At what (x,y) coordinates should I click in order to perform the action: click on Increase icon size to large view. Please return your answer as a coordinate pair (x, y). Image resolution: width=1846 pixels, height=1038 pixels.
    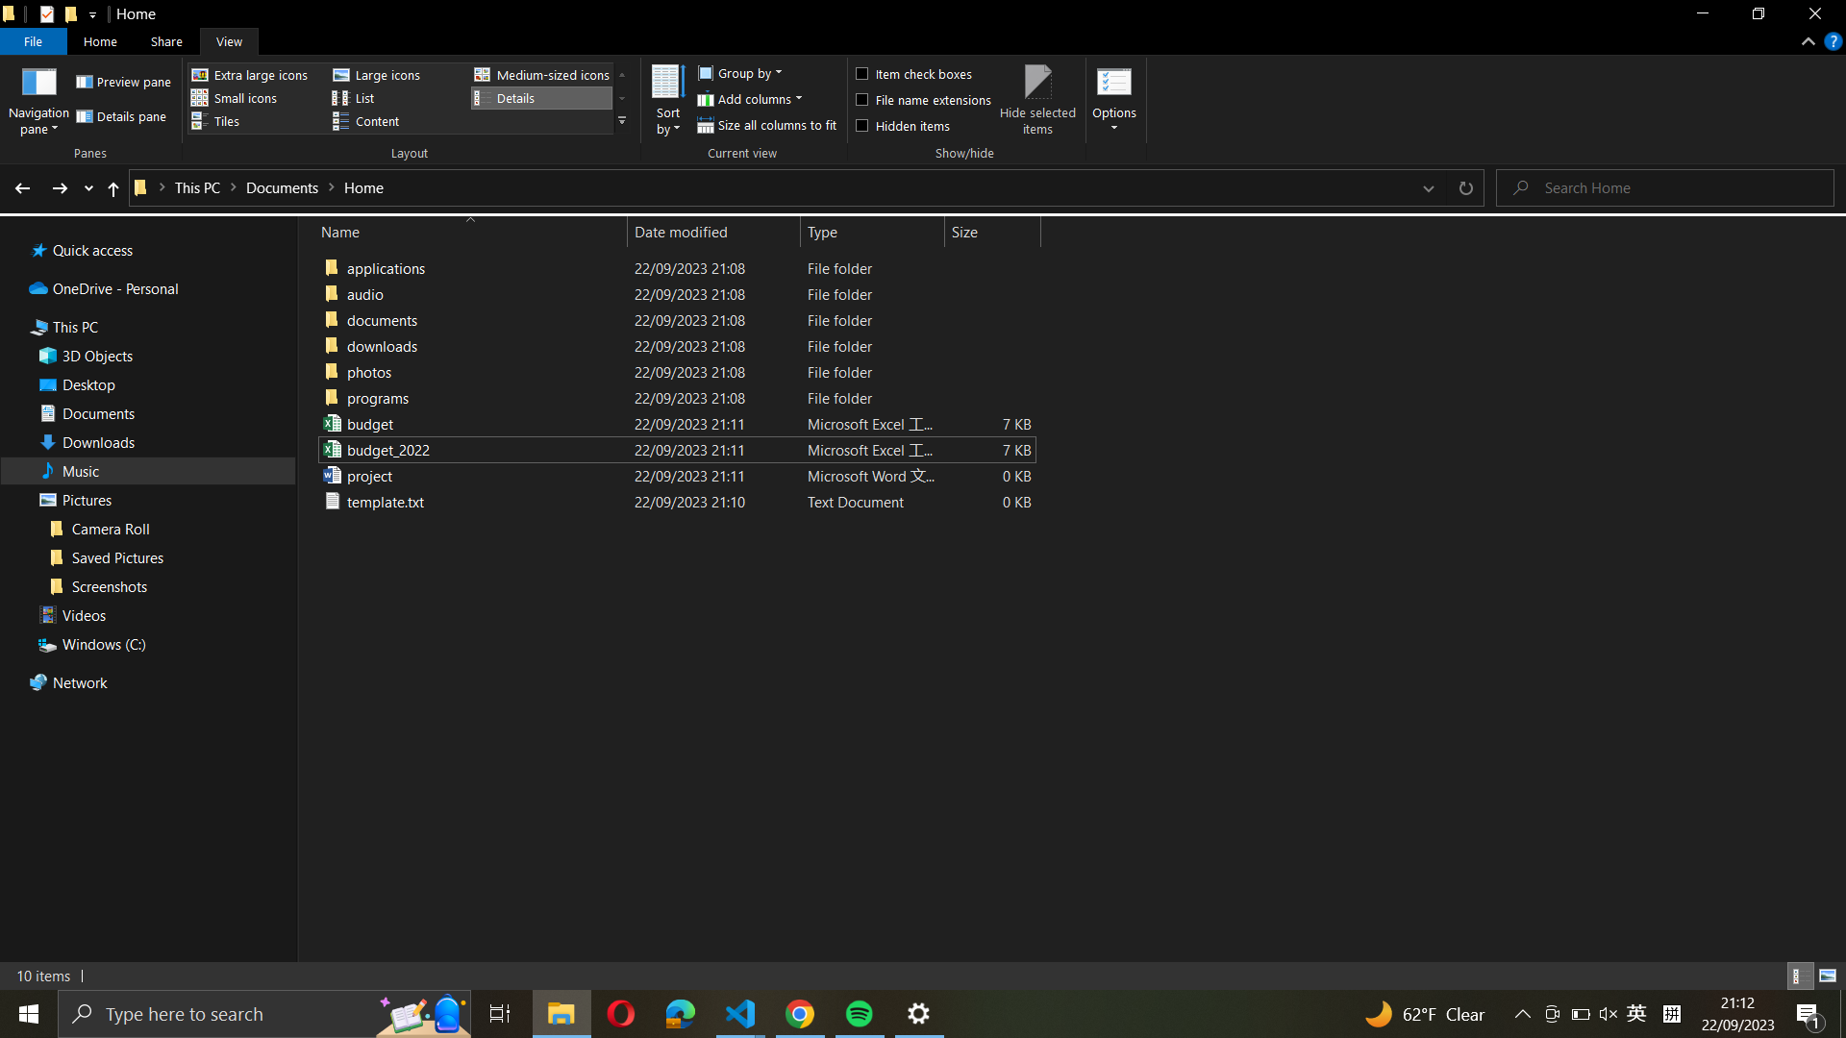
    Looking at the image, I should click on (392, 74).